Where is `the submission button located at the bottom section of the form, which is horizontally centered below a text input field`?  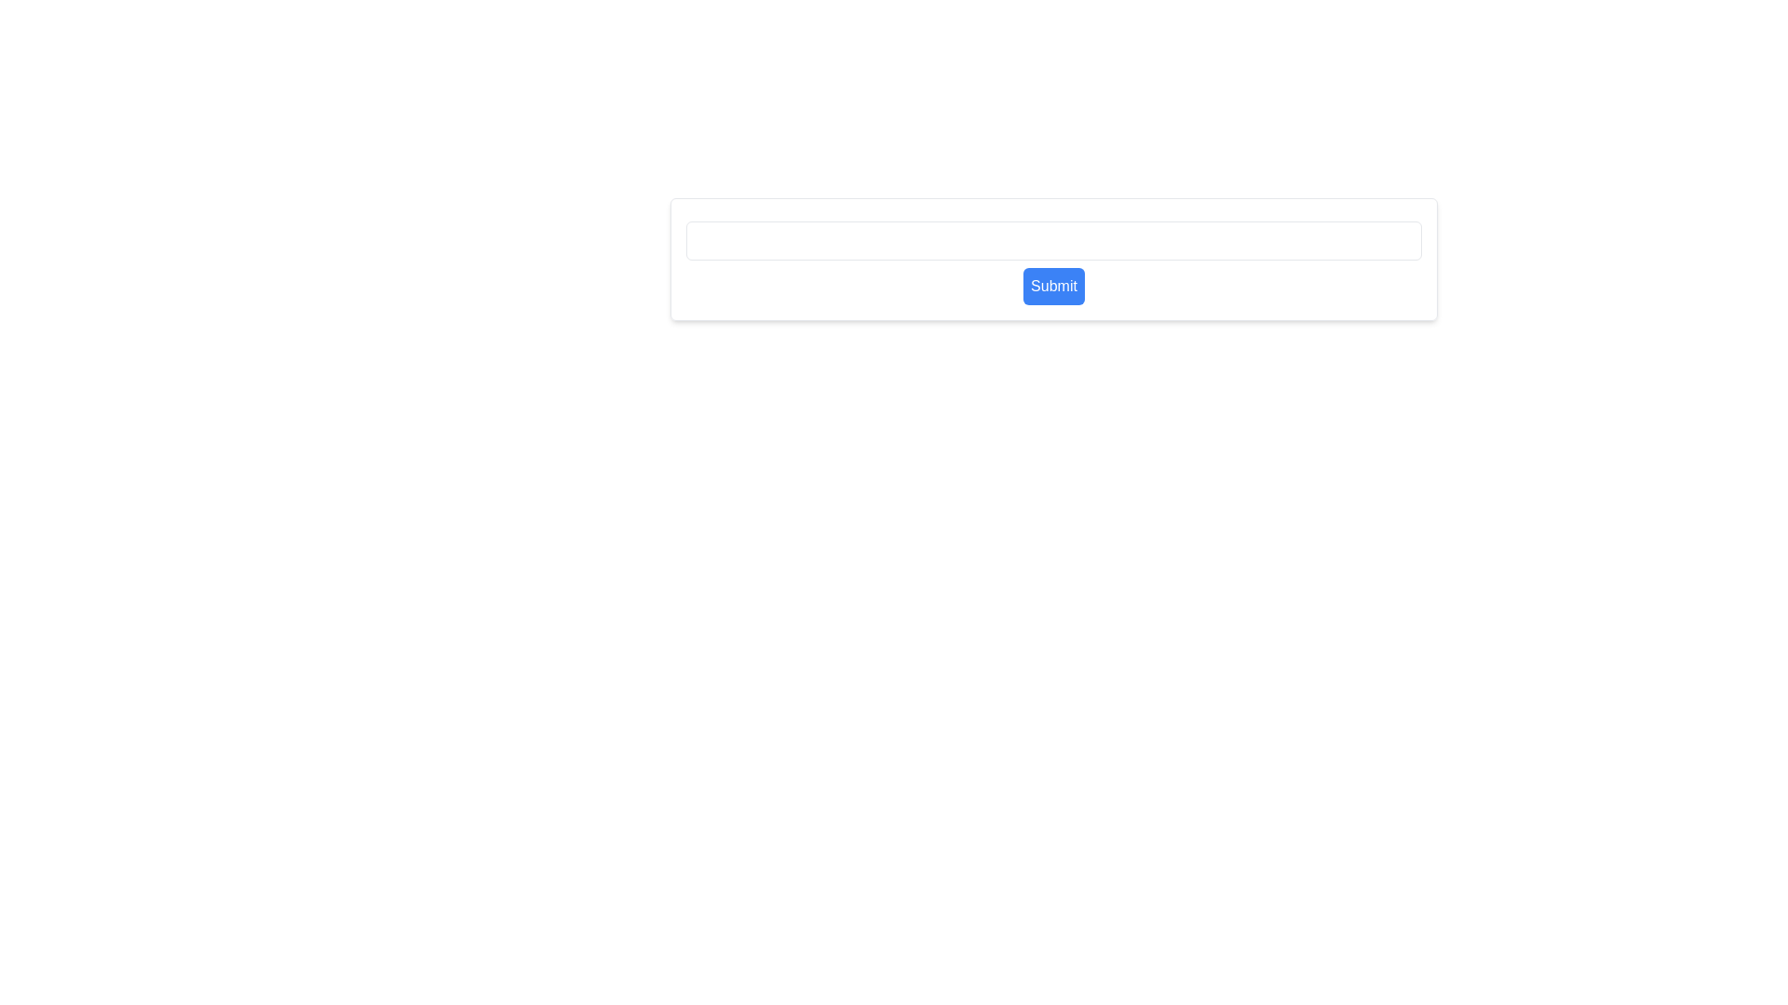
the submission button located at the bottom section of the form, which is horizontally centered below a text input field is located at coordinates (1054, 259).